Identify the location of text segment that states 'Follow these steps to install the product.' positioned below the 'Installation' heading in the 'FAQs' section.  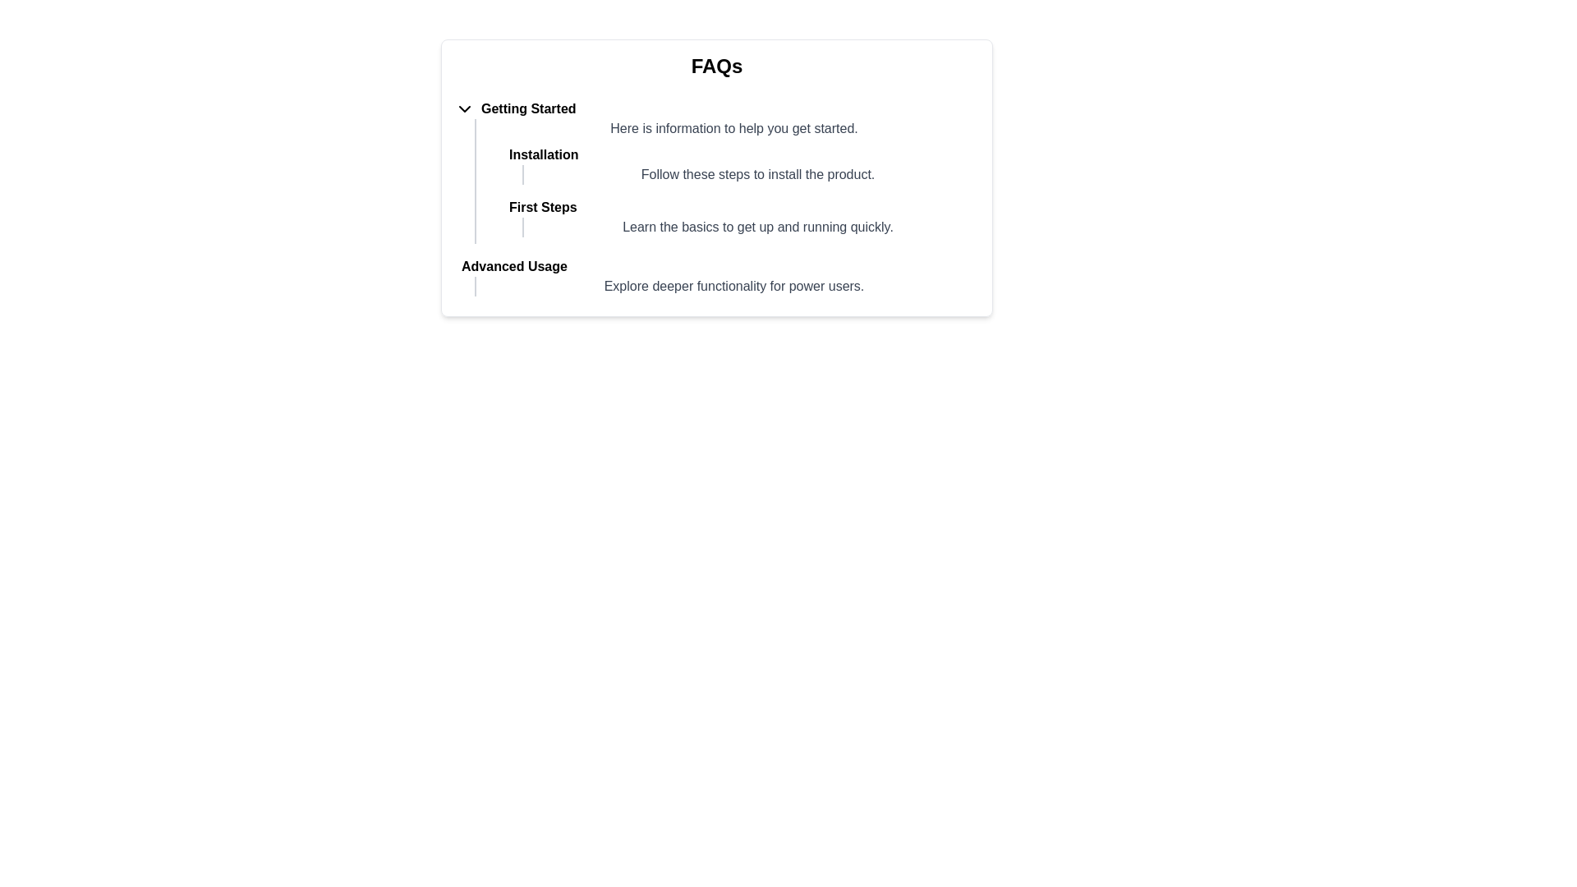
(749, 174).